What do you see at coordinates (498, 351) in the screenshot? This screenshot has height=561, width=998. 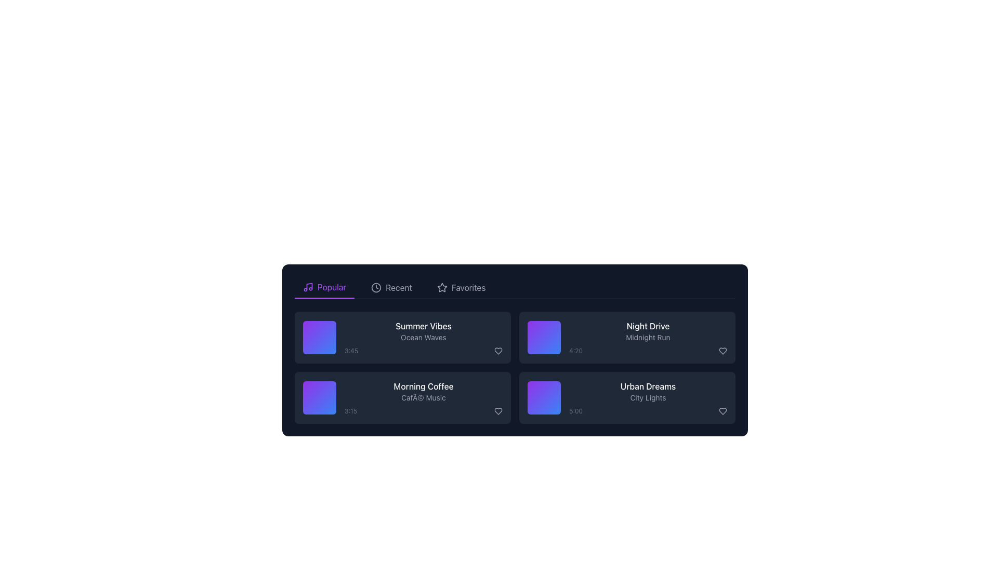 I see `the favorite button icon` at bounding box center [498, 351].